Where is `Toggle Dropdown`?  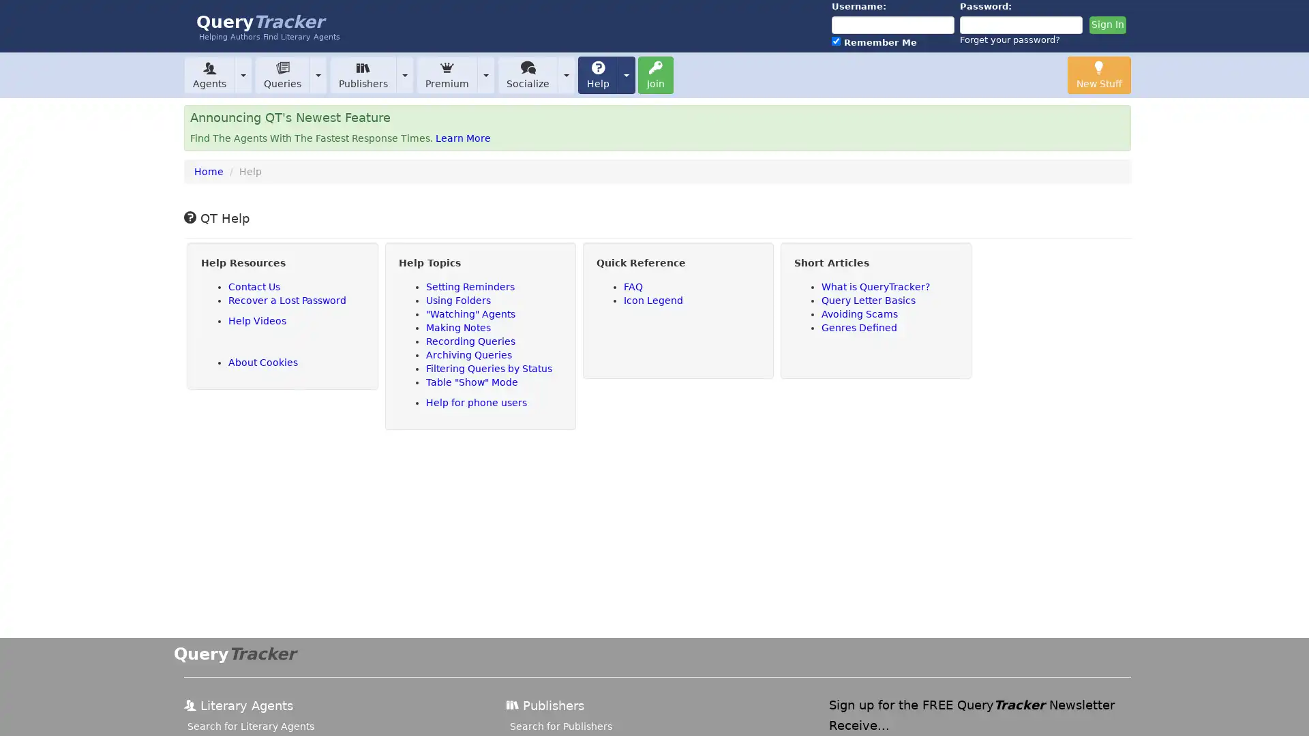
Toggle Dropdown is located at coordinates (486, 74).